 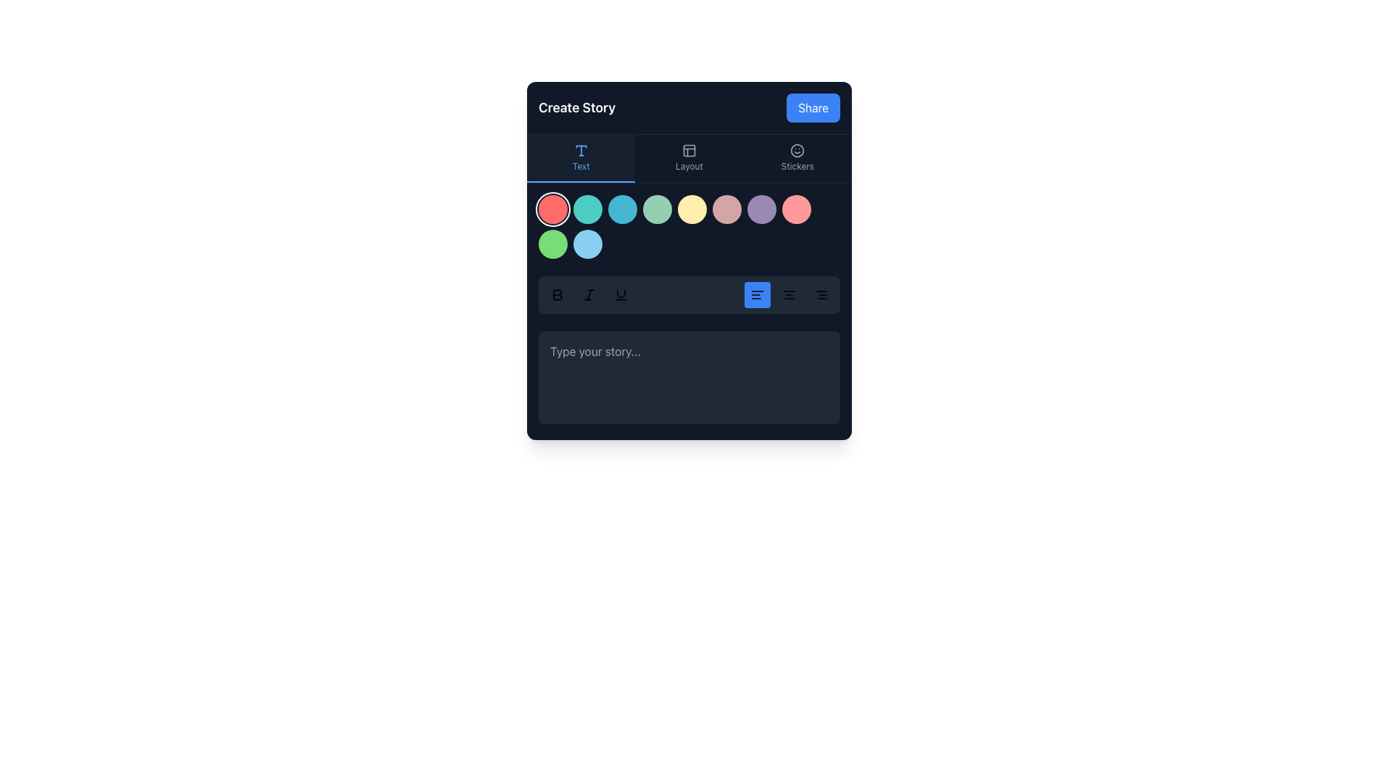 I want to click on the sixth circular button in the top row of the grid, so click(x=727, y=210).